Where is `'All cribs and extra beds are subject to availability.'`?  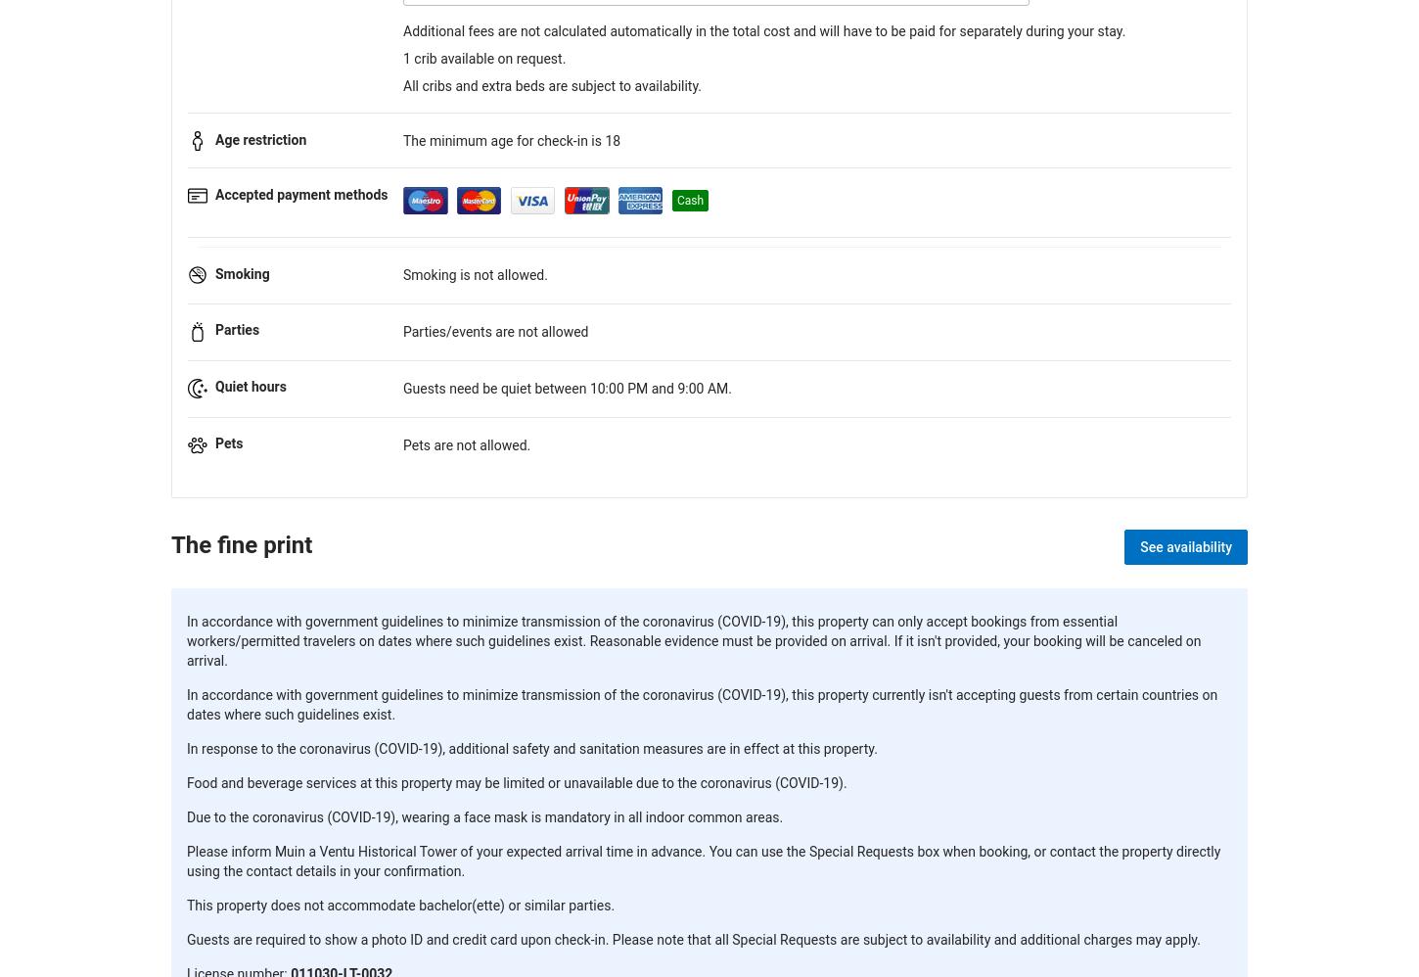 'All cribs and extra beds are subject to availability.' is located at coordinates (552, 85).